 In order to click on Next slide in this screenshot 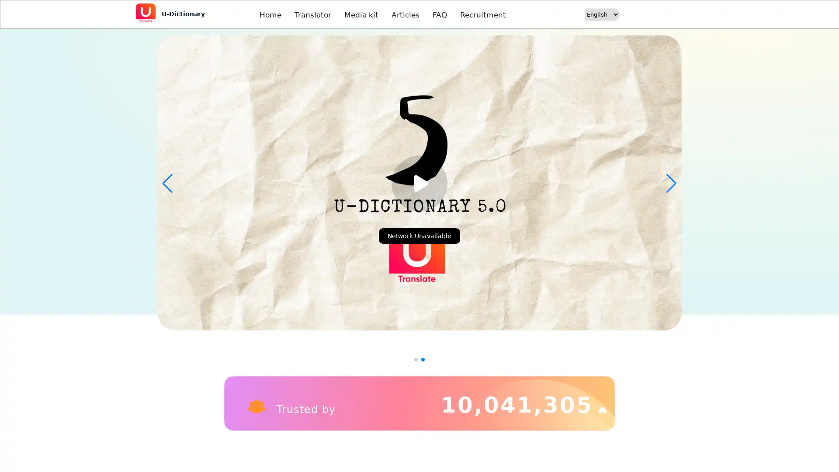, I will do `click(671, 183)`.